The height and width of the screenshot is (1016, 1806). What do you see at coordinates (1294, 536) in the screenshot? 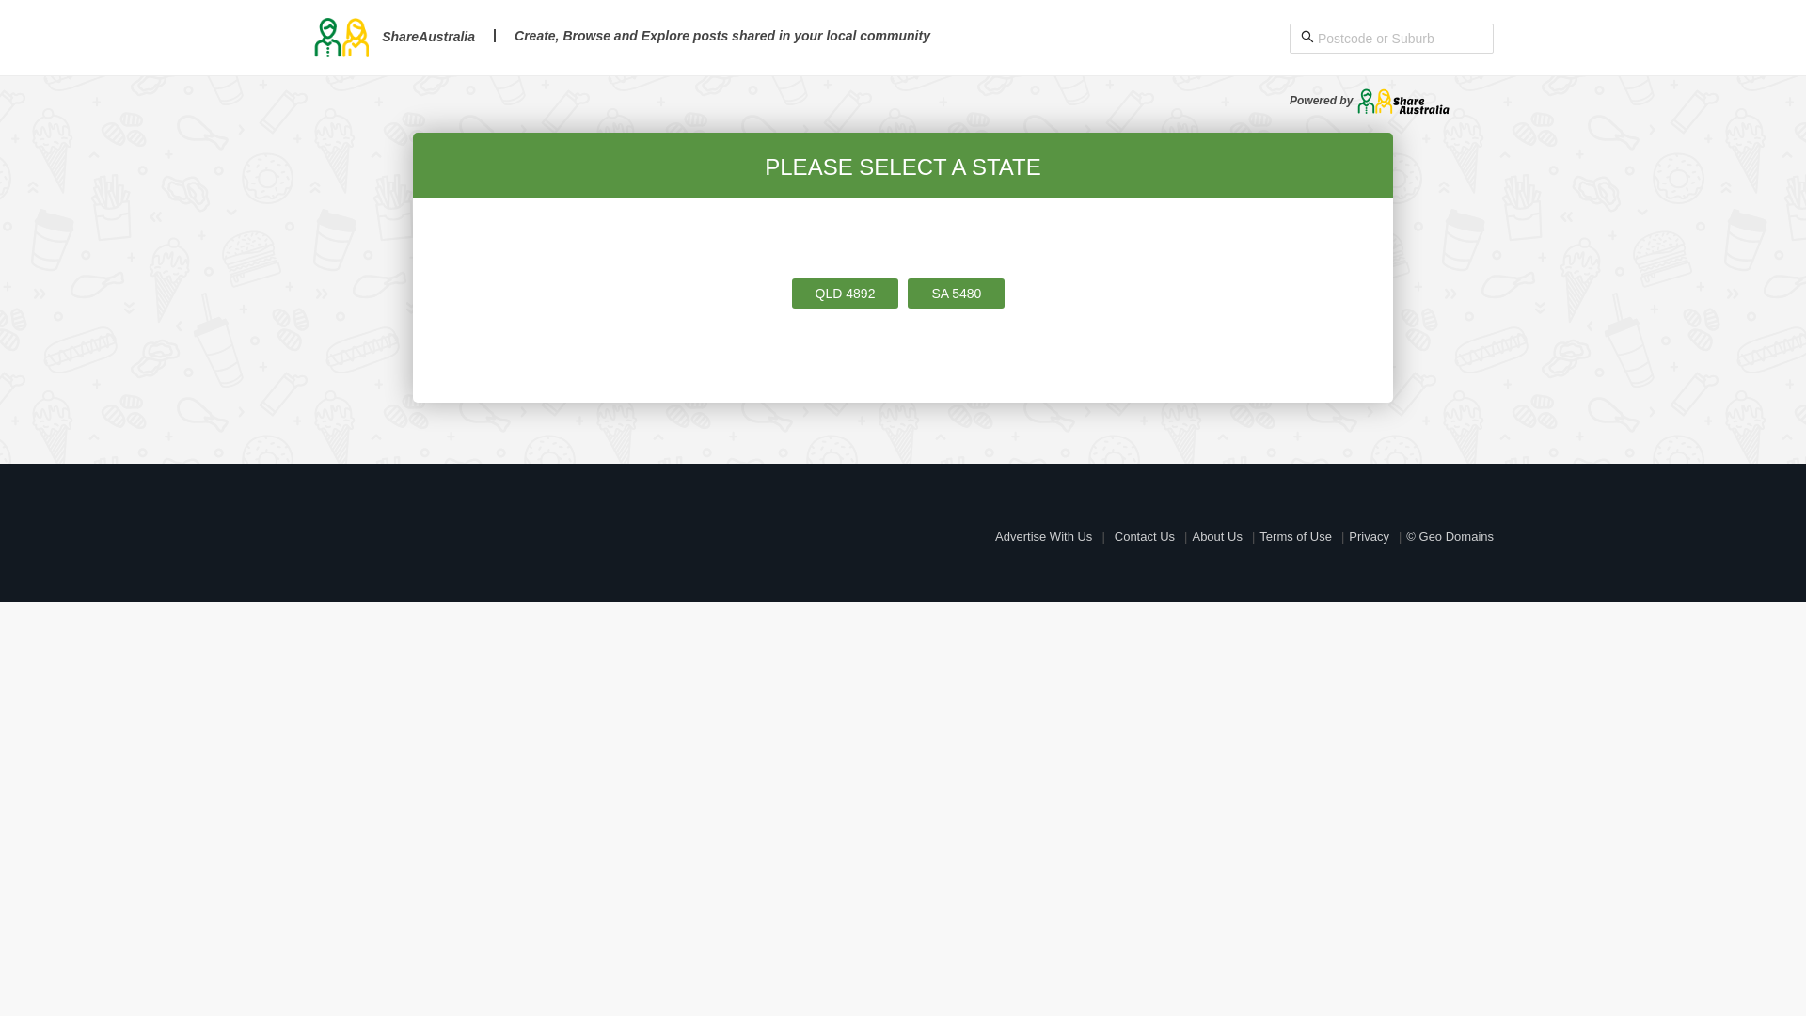
I see `'Terms of Use'` at bounding box center [1294, 536].